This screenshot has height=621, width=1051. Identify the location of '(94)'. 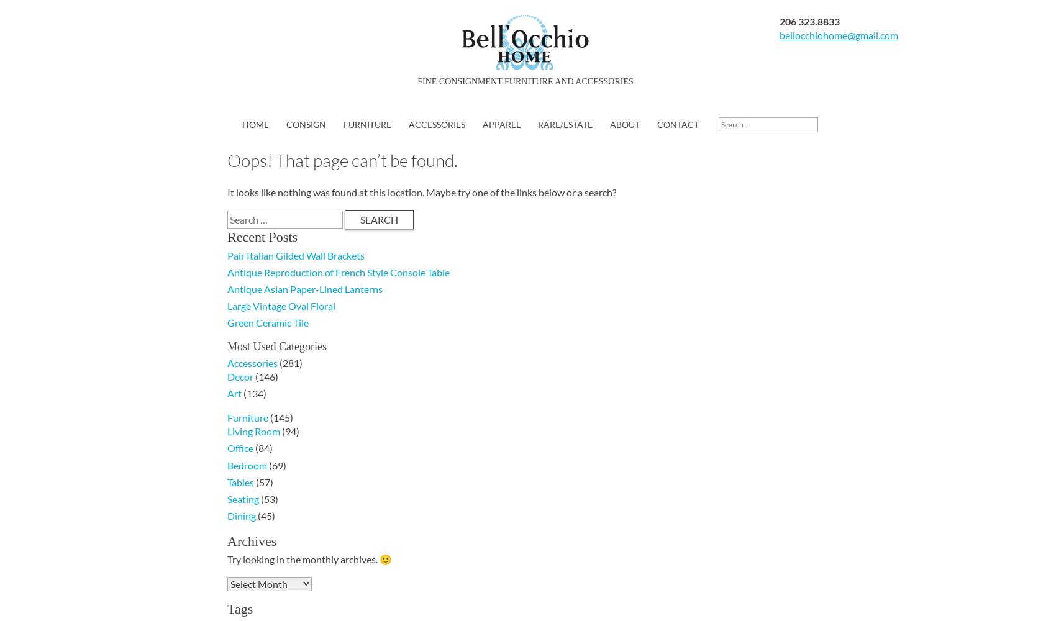
(279, 430).